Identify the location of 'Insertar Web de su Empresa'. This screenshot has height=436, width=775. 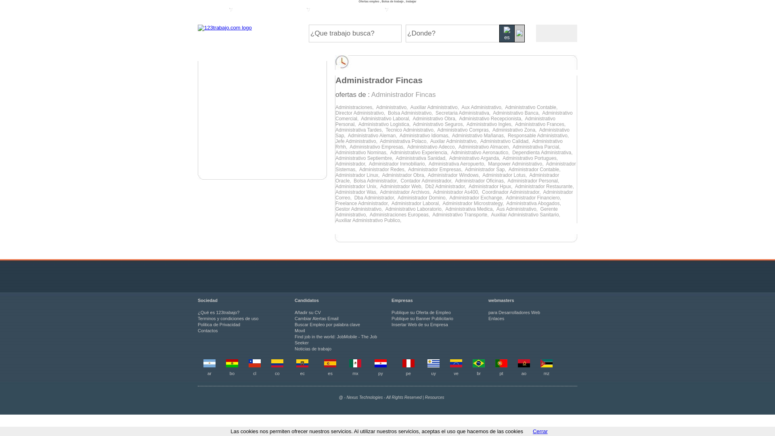
(420, 324).